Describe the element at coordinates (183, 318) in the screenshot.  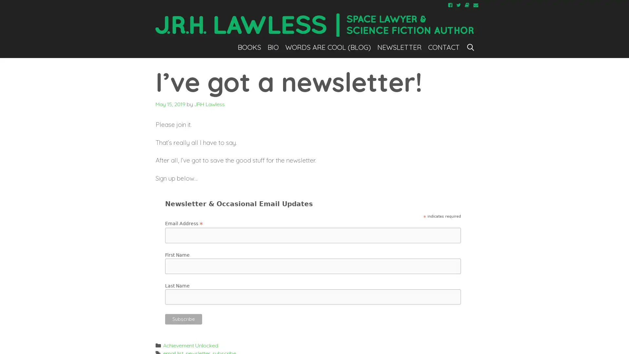
I see `Subscribe` at that location.